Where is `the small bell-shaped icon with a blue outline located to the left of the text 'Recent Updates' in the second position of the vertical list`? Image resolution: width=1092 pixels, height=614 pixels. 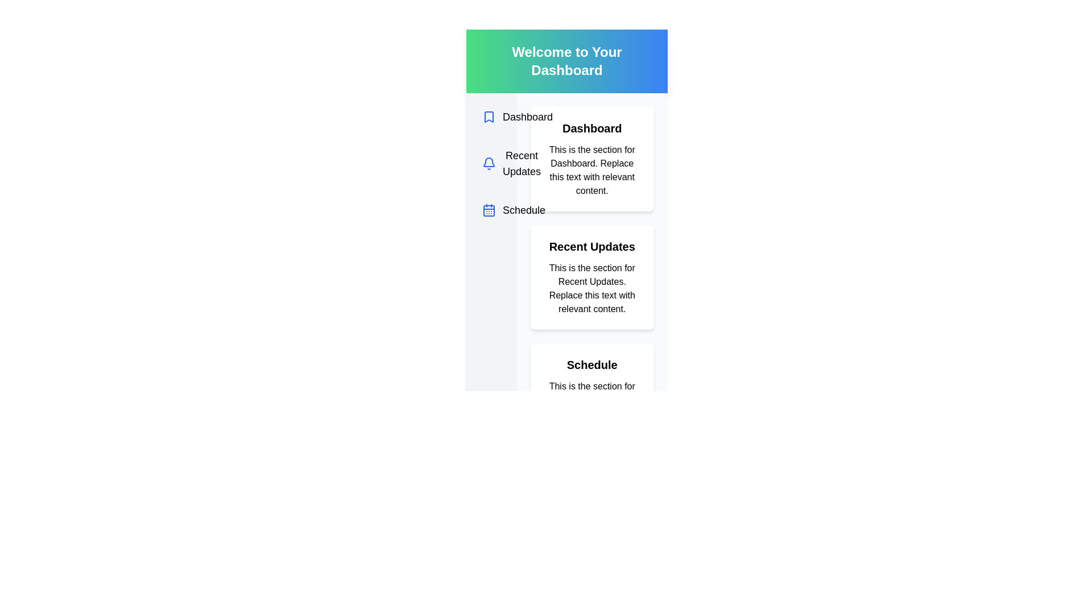 the small bell-shaped icon with a blue outline located to the left of the text 'Recent Updates' in the second position of the vertical list is located at coordinates (489, 164).